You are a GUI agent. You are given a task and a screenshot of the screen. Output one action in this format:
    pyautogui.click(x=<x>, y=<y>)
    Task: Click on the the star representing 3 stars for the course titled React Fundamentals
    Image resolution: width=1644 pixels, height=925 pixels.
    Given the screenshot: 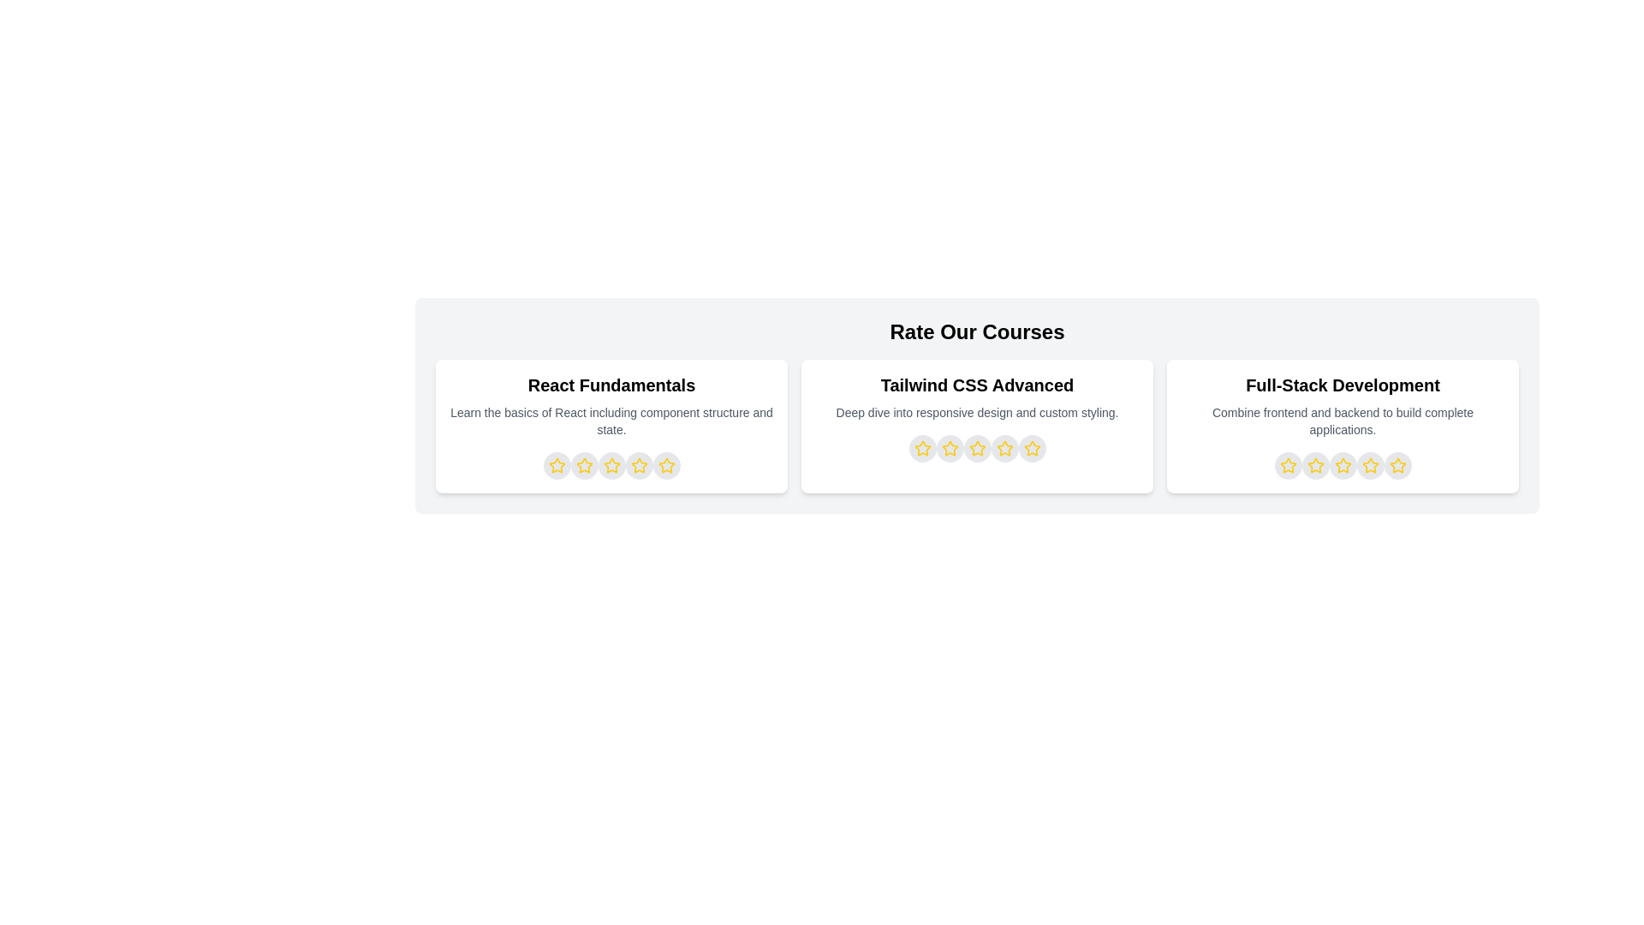 What is the action you would take?
    pyautogui.click(x=611, y=465)
    